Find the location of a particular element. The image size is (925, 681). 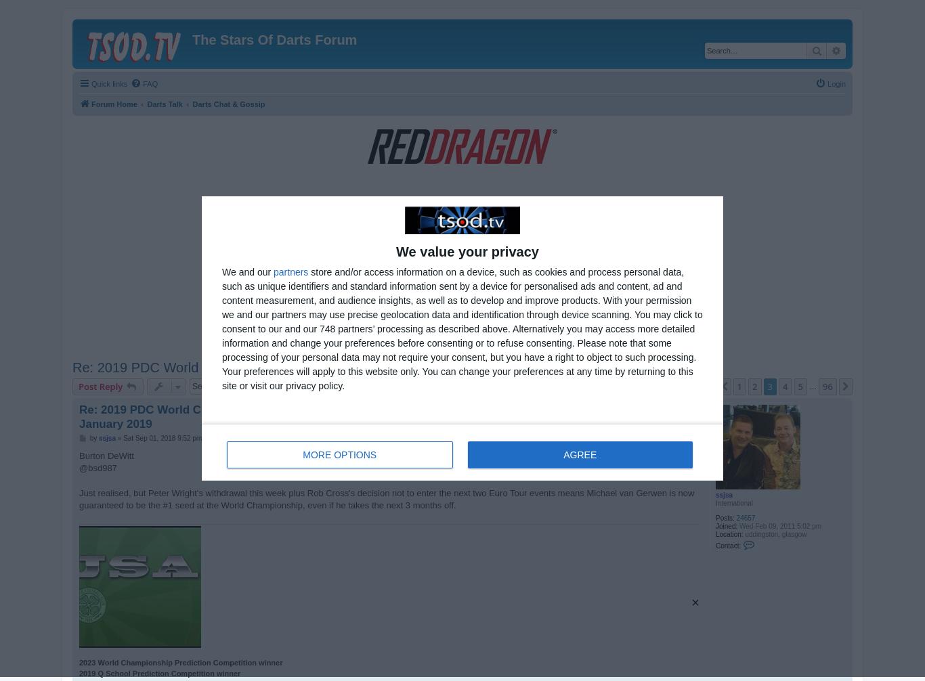

'Sat Sep 01, 2018 9:52 pm' is located at coordinates (122, 438).